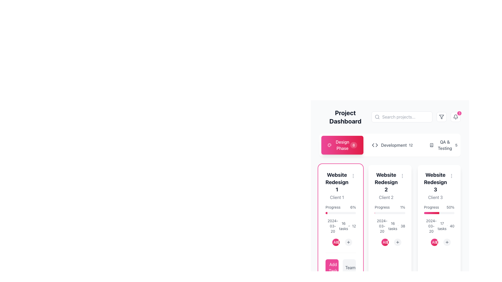 The image size is (502, 282). What do you see at coordinates (390, 242) in the screenshot?
I see `the button that allows users to add a member to the 'Website Redesign 2' project, located in the bottom portion of the card component` at bounding box center [390, 242].